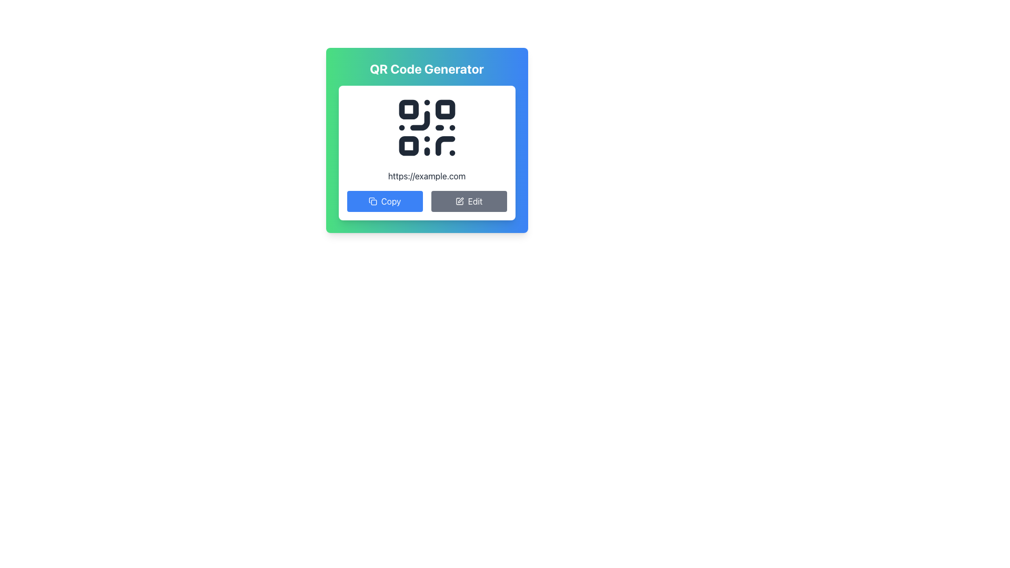 This screenshot has height=568, width=1010. What do you see at coordinates (427, 176) in the screenshot?
I see `the horizontally centered text displaying the URL 'https://example.com', located below the QR code image and above the 'Copy' and 'Edit' buttons` at bounding box center [427, 176].